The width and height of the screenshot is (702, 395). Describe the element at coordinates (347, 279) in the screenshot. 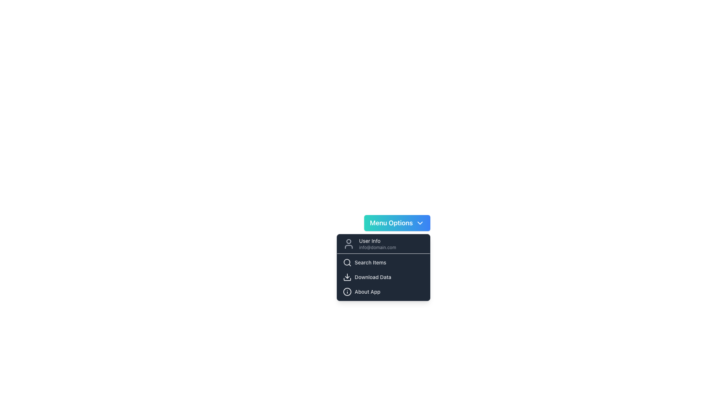

I see `the rectangular segment of the download button icon in the third item of the 'Download Data' dropdown menu` at that location.